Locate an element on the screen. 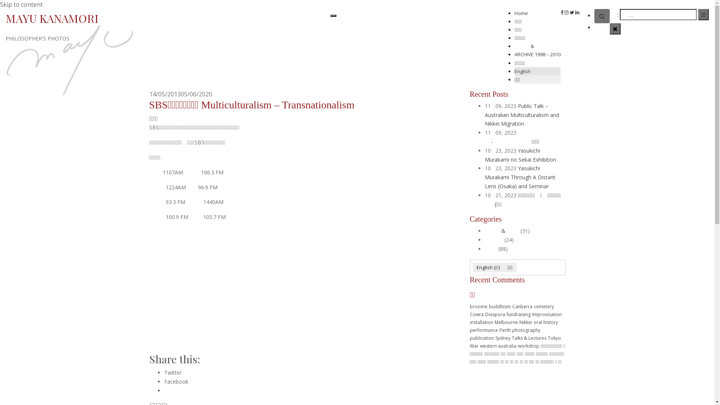 The image size is (720, 405). 'buddhism' is located at coordinates (500, 306).